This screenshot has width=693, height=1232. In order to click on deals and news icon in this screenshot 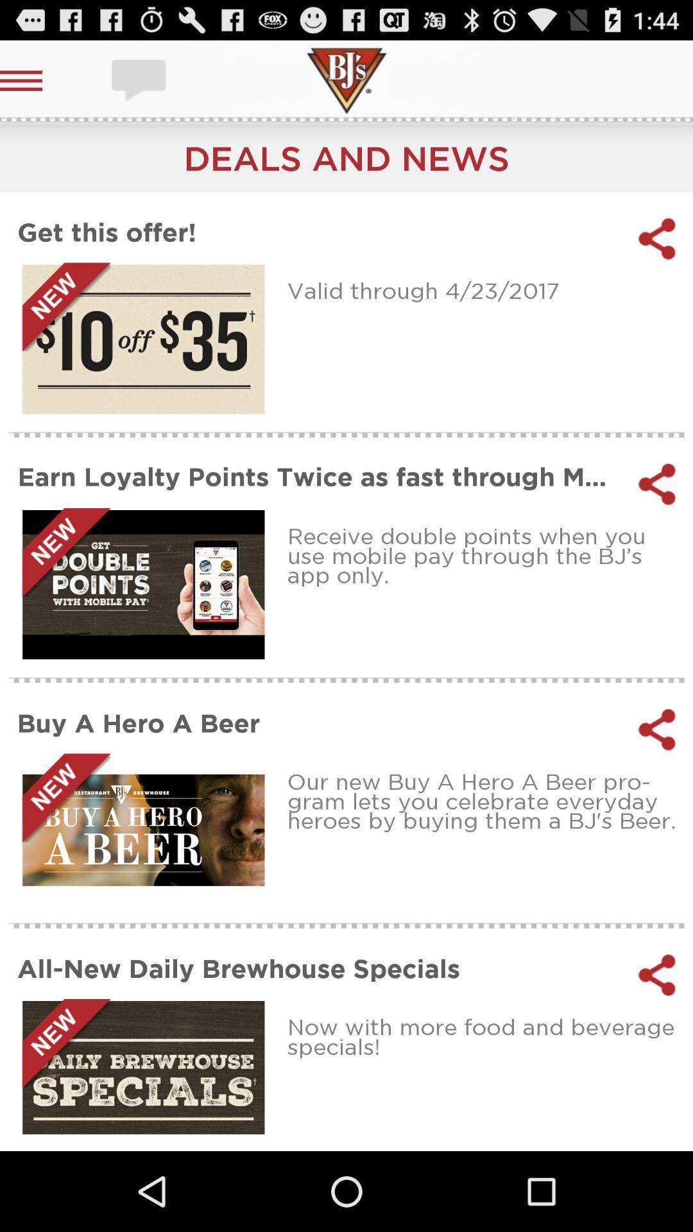, I will do `click(346, 157)`.